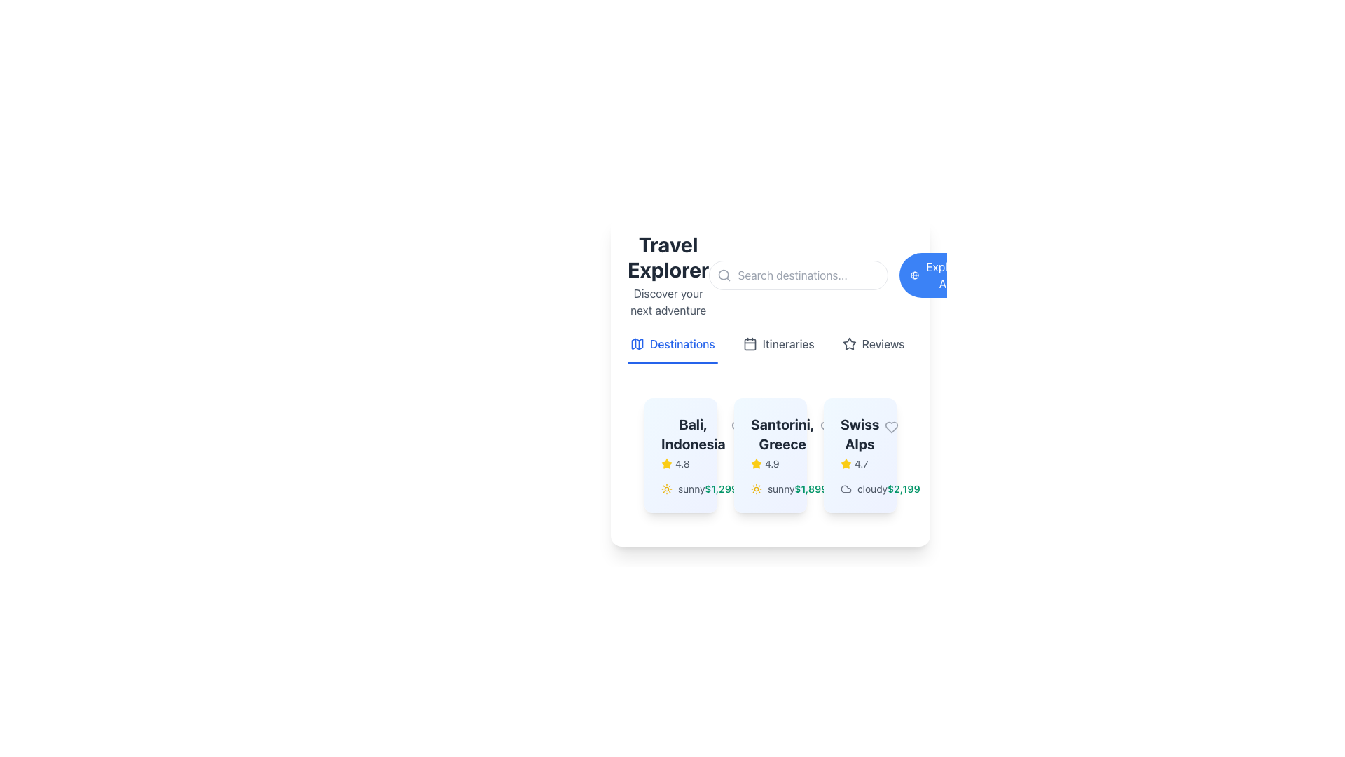 The width and height of the screenshot is (1345, 757). I want to click on text displayed in the text block that shows 'Santorini, Greece' in a bold, large, dark-gray font, positioned centrally within the second card of the destination cards, so click(782, 434).